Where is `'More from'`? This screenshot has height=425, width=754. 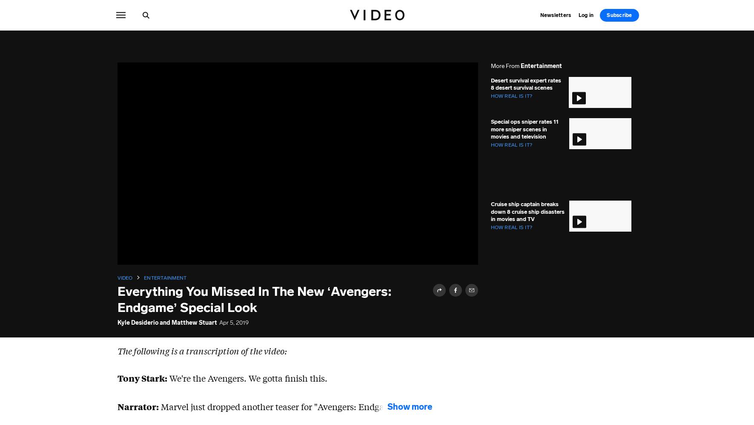
'More from' is located at coordinates (505, 66).